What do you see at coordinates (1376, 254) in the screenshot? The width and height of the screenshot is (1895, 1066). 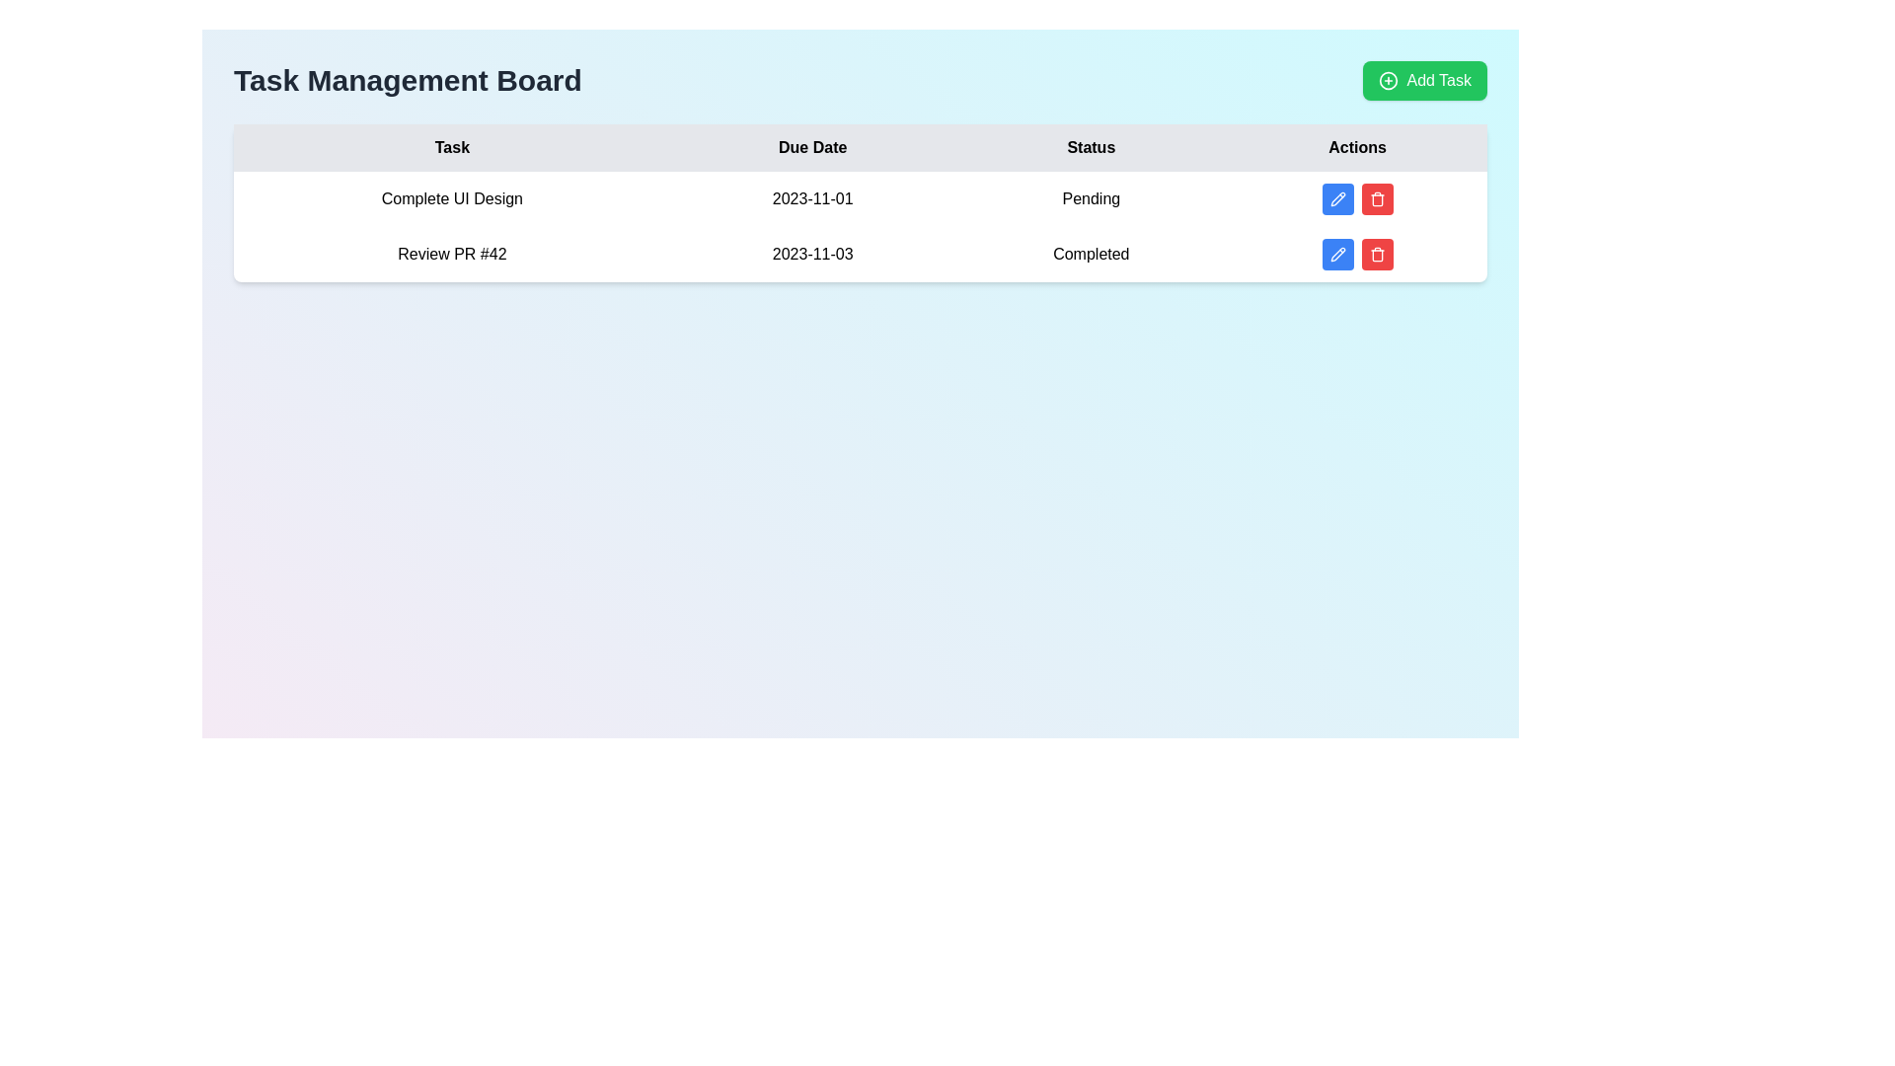 I see `the small red trash can icon located in the 'Actions' column of the table row to initiate a deletion action` at bounding box center [1376, 254].